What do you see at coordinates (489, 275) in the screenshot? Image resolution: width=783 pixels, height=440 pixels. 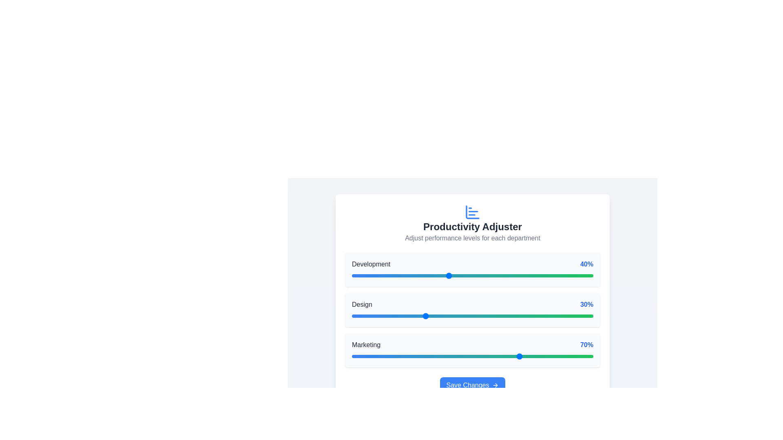 I see `the slider value` at bounding box center [489, 275].